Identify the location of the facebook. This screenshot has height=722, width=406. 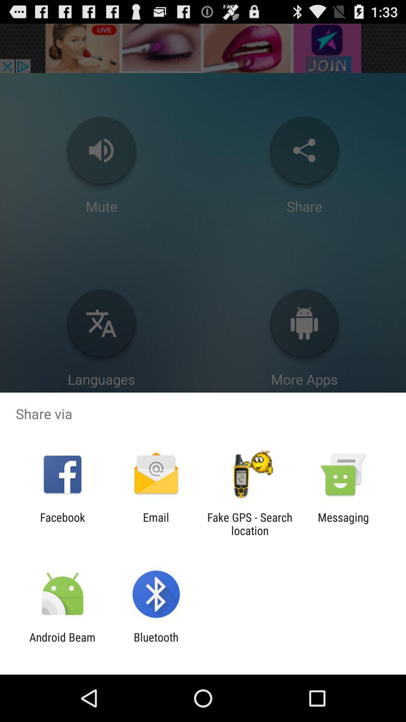
(62, 523).